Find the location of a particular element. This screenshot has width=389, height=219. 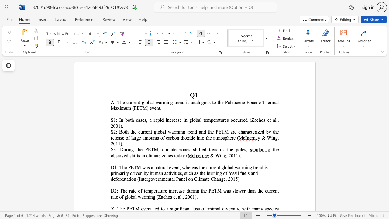

the 1th character "a" in the text is located at coordinates (164, 131).